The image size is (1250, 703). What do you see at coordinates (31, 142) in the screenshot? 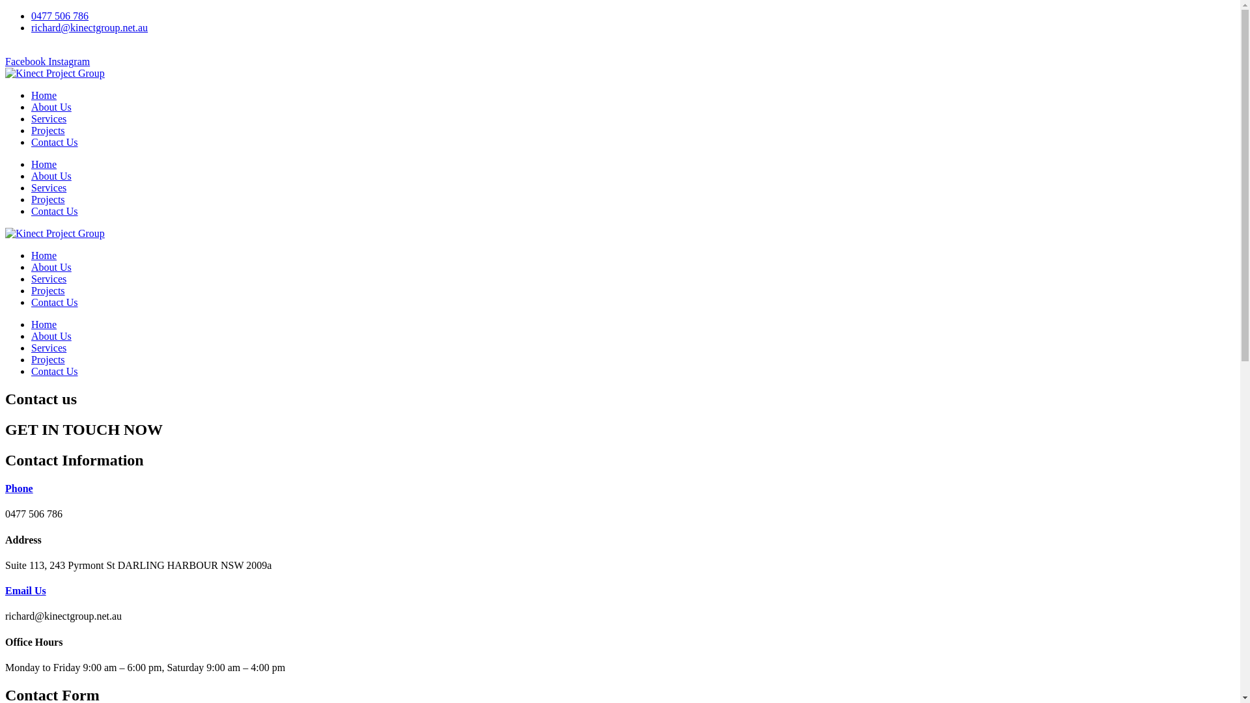
I see `'Contact Us'` at bounding box center [31, 142].